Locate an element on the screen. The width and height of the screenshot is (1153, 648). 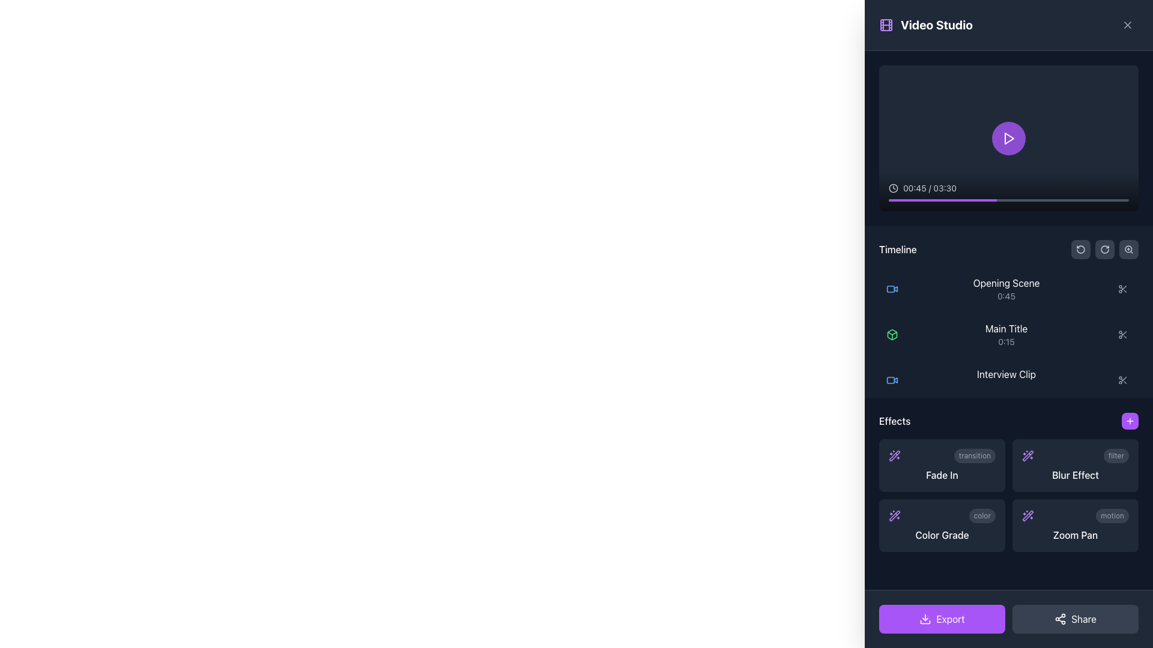
the download icon associated with the 'Export' button located at the bottom left of the right panel for accessibility is located at coordinates (925, 619).